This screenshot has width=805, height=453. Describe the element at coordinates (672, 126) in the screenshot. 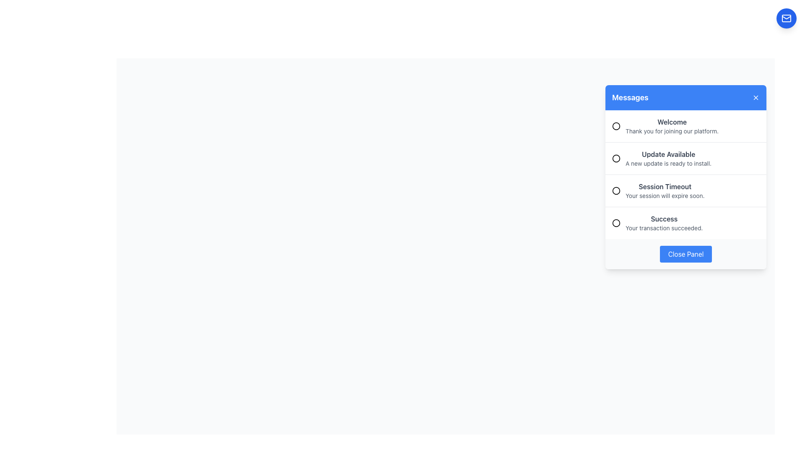

I see `welcome message displayed in the text block located in the 'Messages' card, which is the first item in a vertical list next to a circular icon` at that location.